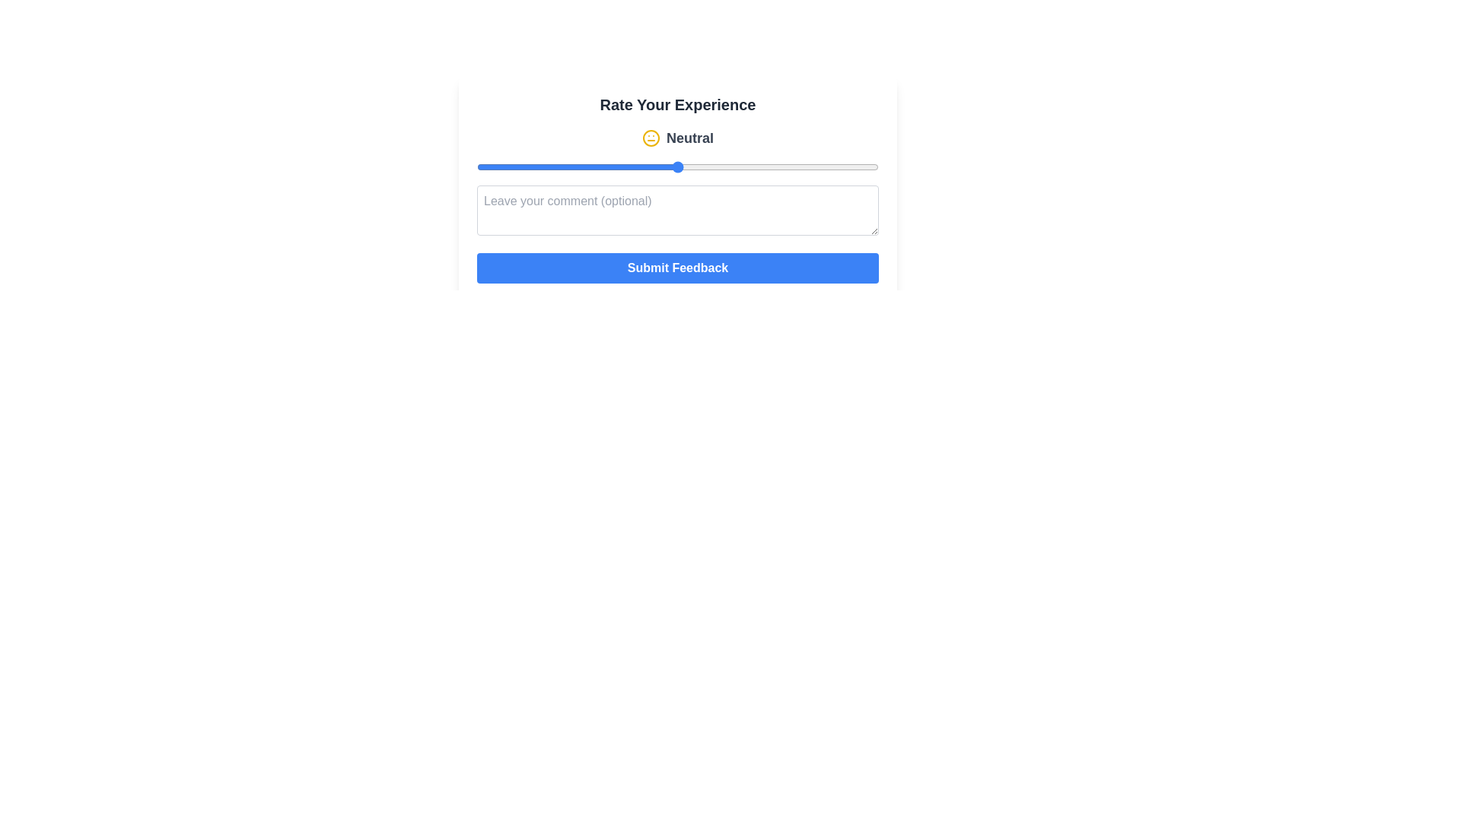 The width and height of the screenshot is (1461, 821). Describe the element at coordinates (778, 166) in the screenshot. I see `the rating slider to set the rating to 4 (1 to 5)` at that location.